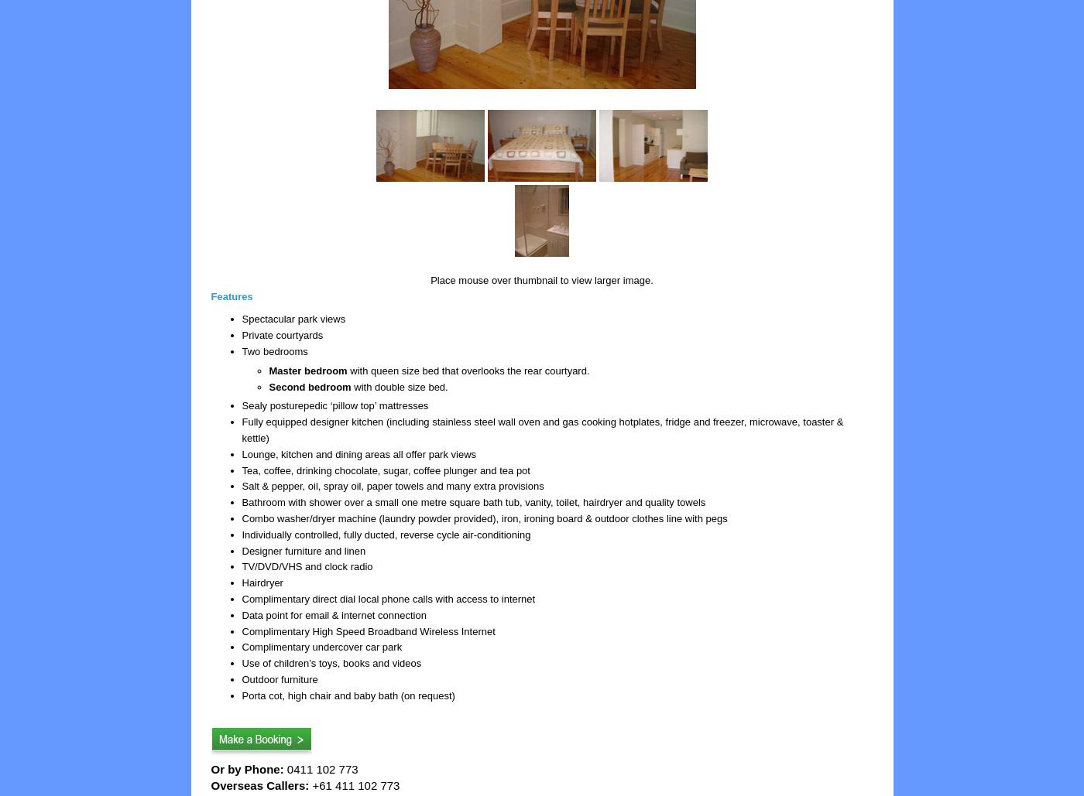 The image size is (1084, 796). Describe the element at coordinates (321, 646) in the screenshot. I see `'Complimentary undercover car park'` at that location.